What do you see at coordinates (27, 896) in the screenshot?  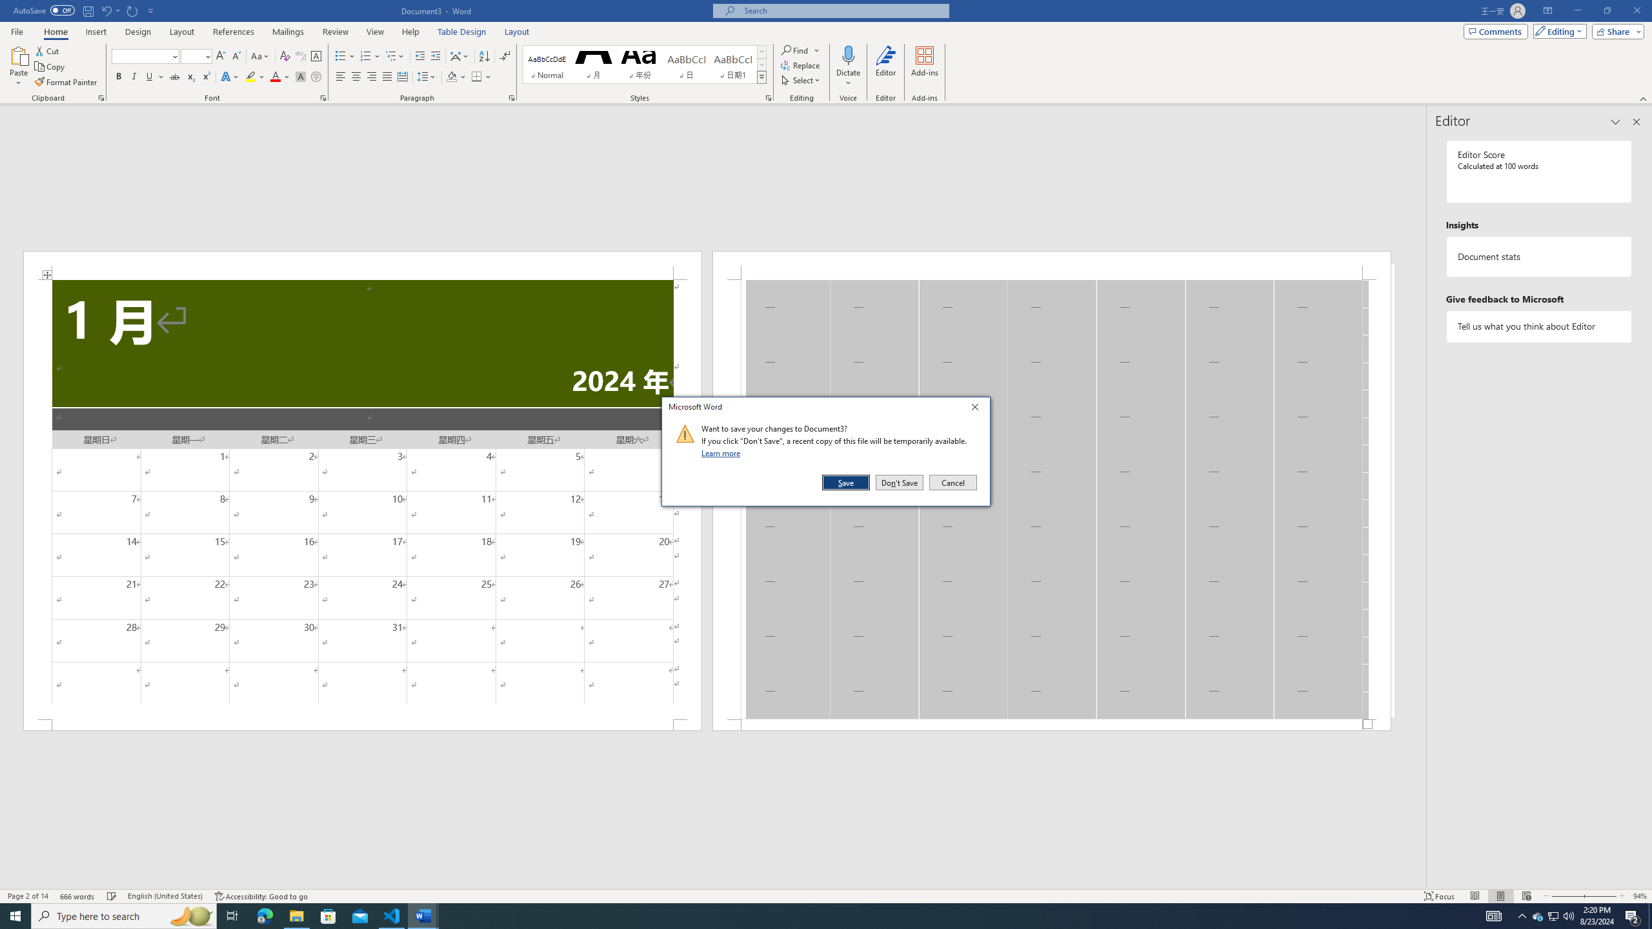 I see `'Page Number Page 2 of 14'` at bounding box center [27, 896].